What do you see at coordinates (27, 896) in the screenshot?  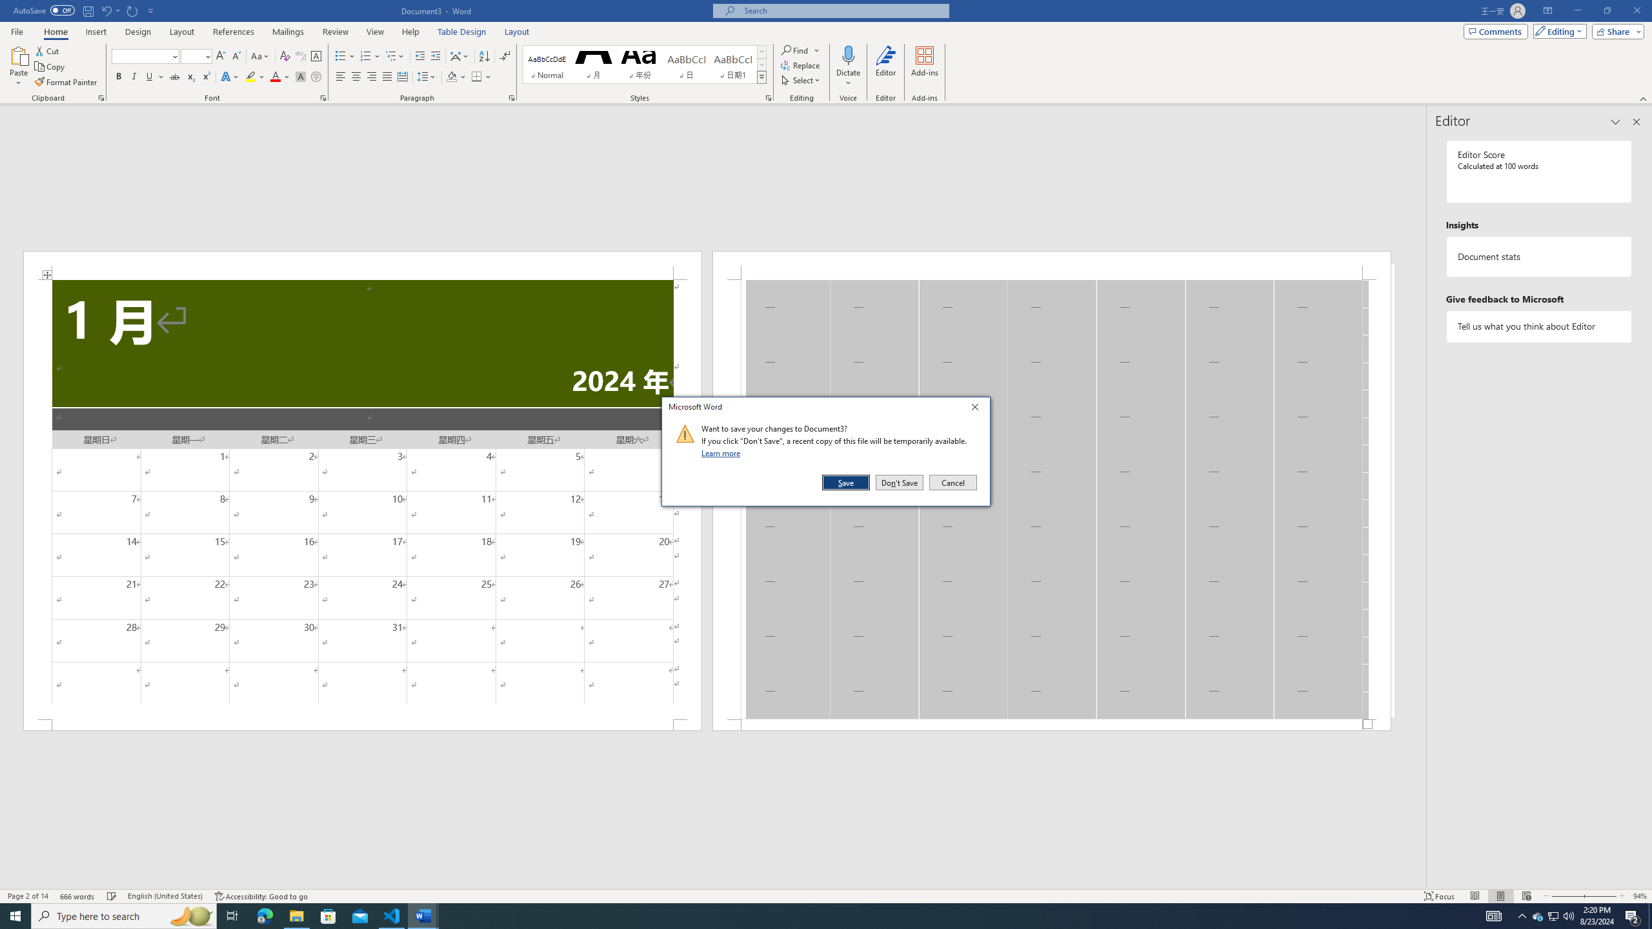 I see `'Page Number Page 2 of 14'` at bounding box center [27, 896].